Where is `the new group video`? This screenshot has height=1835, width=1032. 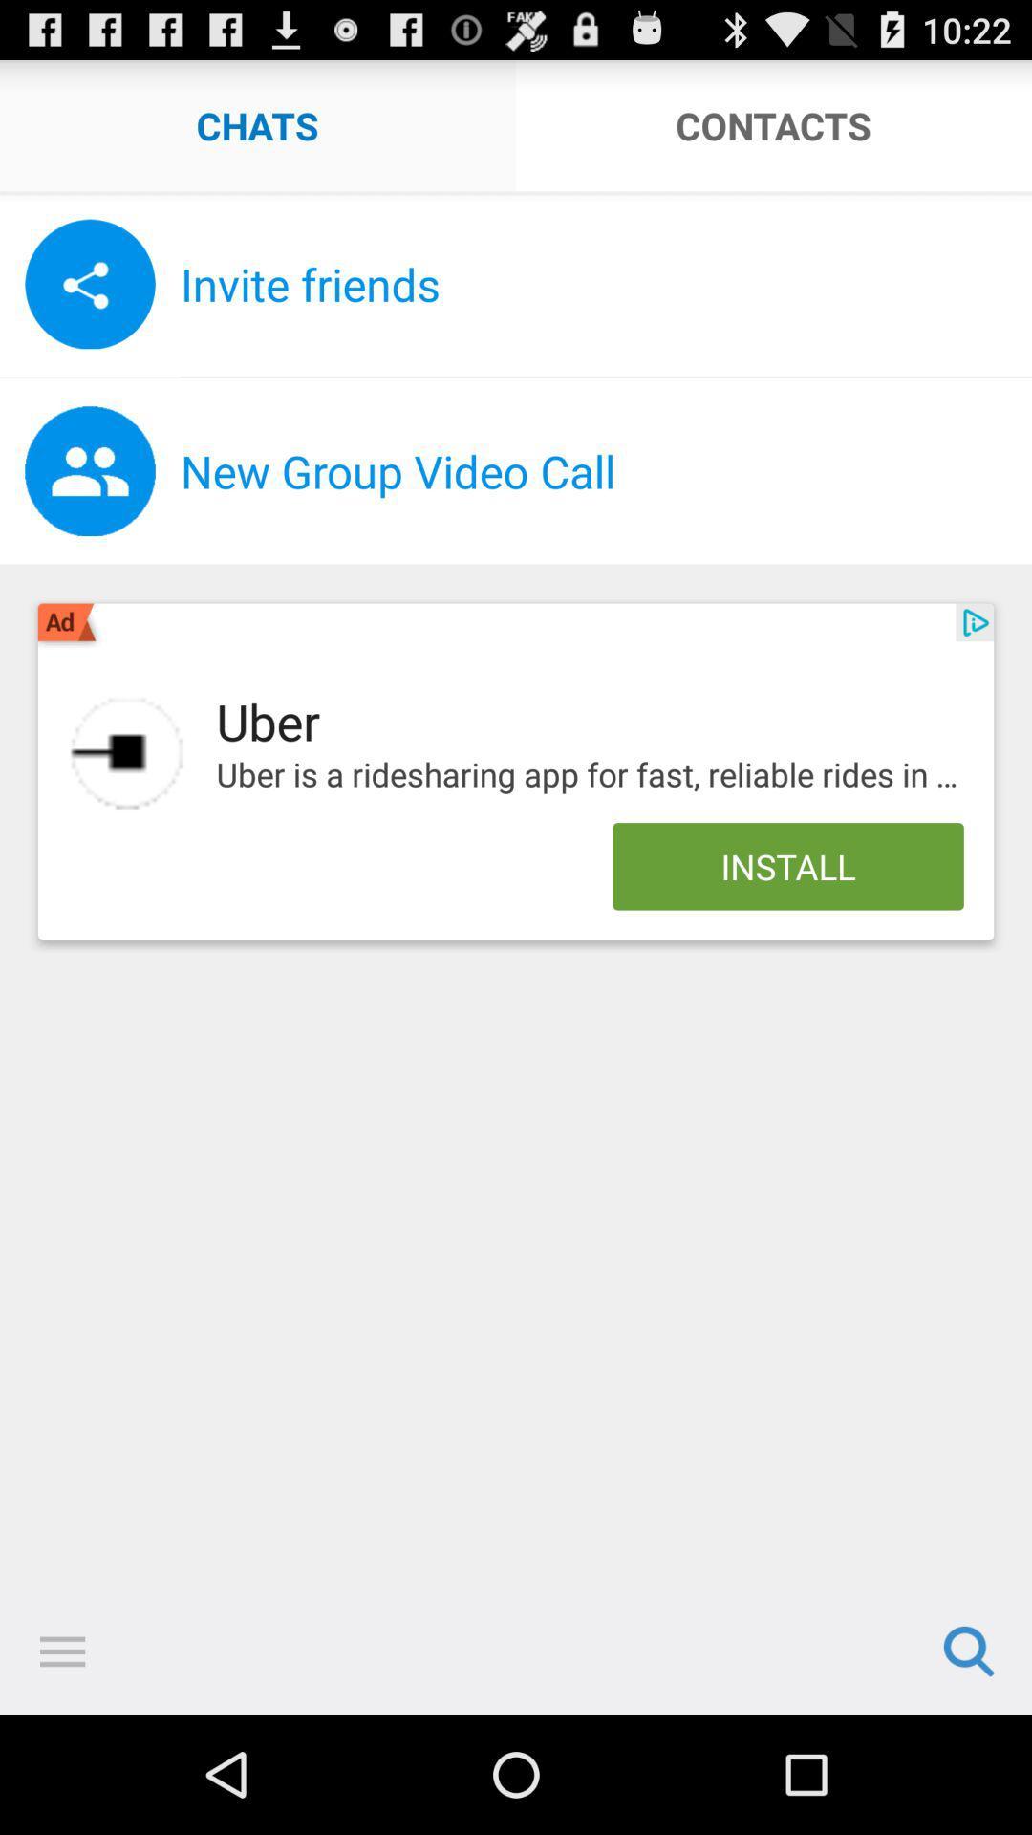 the new group video is located at coordinates (606, 471).